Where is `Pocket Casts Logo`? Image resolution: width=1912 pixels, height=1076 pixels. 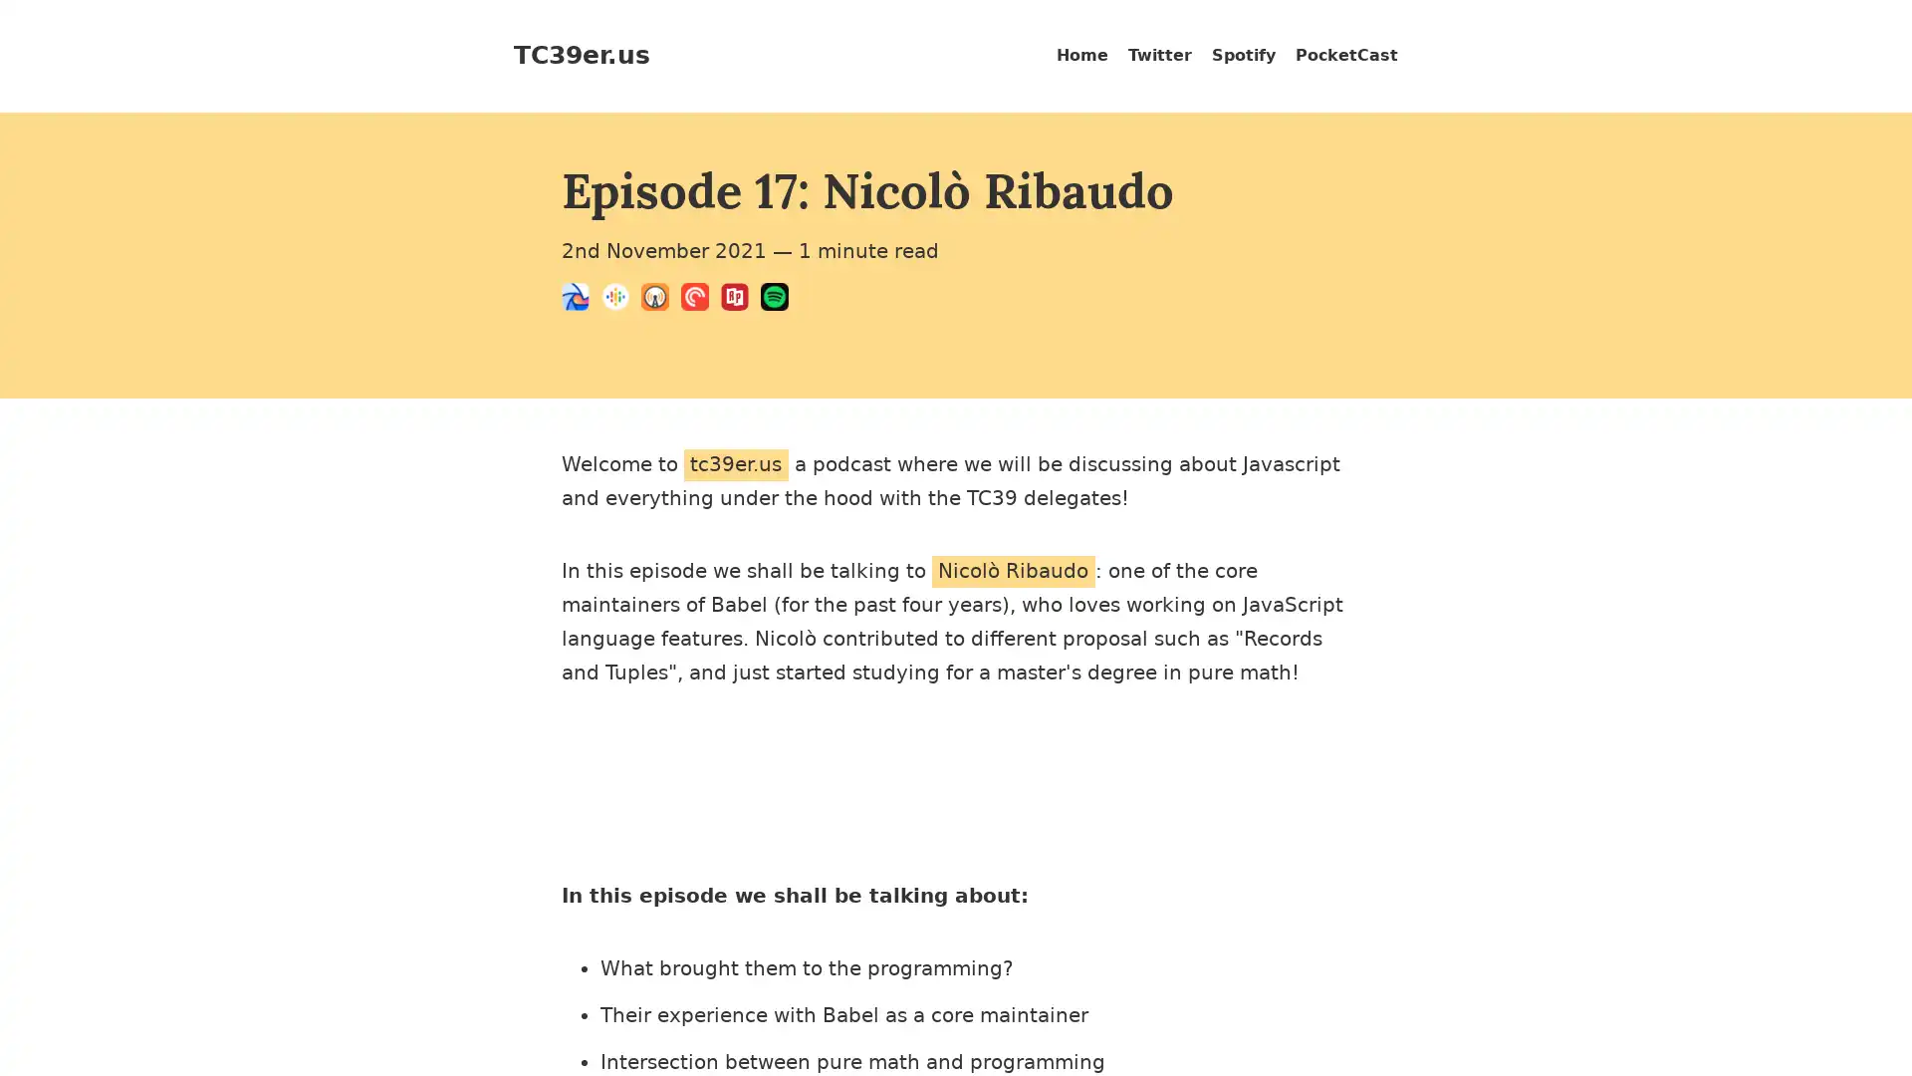
Pocket Casts Logo is located at coordinates (701, 300).